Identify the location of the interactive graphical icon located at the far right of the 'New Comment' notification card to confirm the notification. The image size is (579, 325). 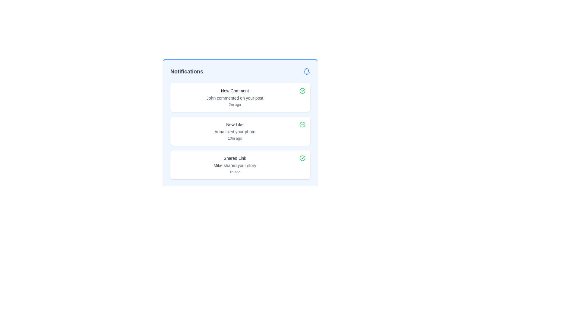
(302, 91).